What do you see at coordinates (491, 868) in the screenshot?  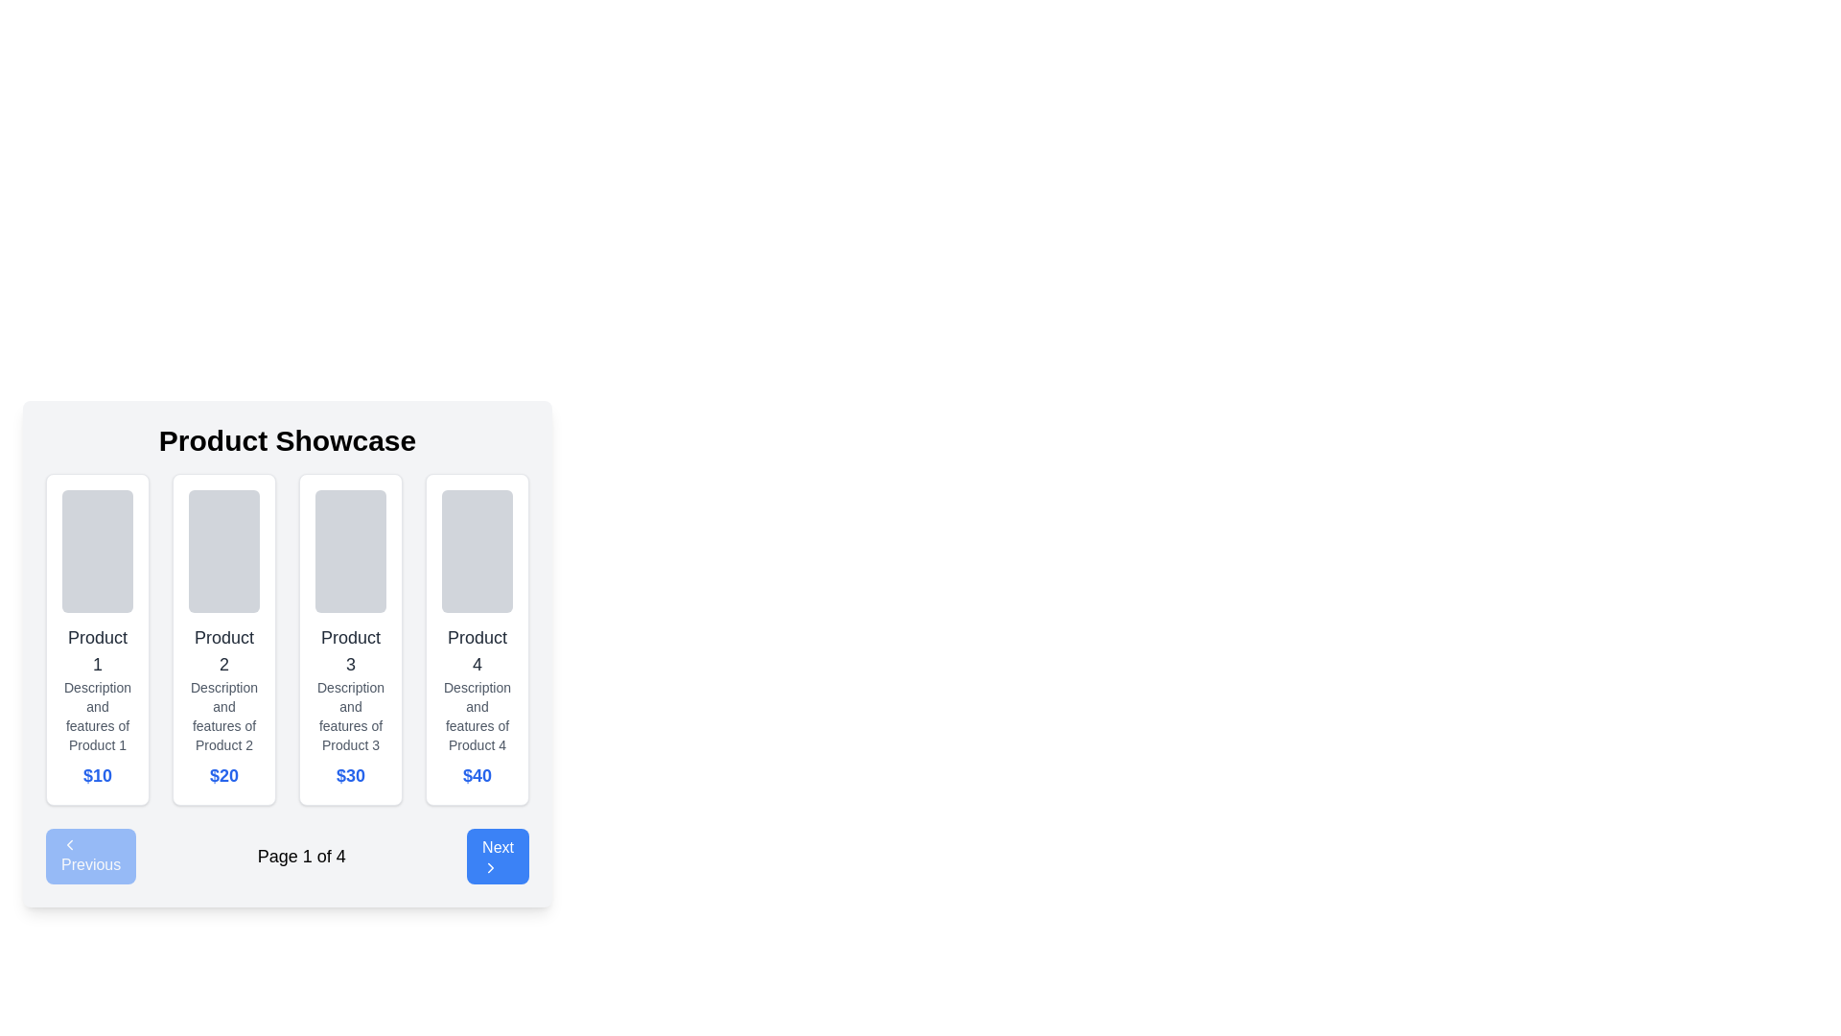 I see `the 'Next' button located at the bottom-right corner of the interface, which contains a right-facing chevron icon indicating a forward action` at bounding box center [491, 868].